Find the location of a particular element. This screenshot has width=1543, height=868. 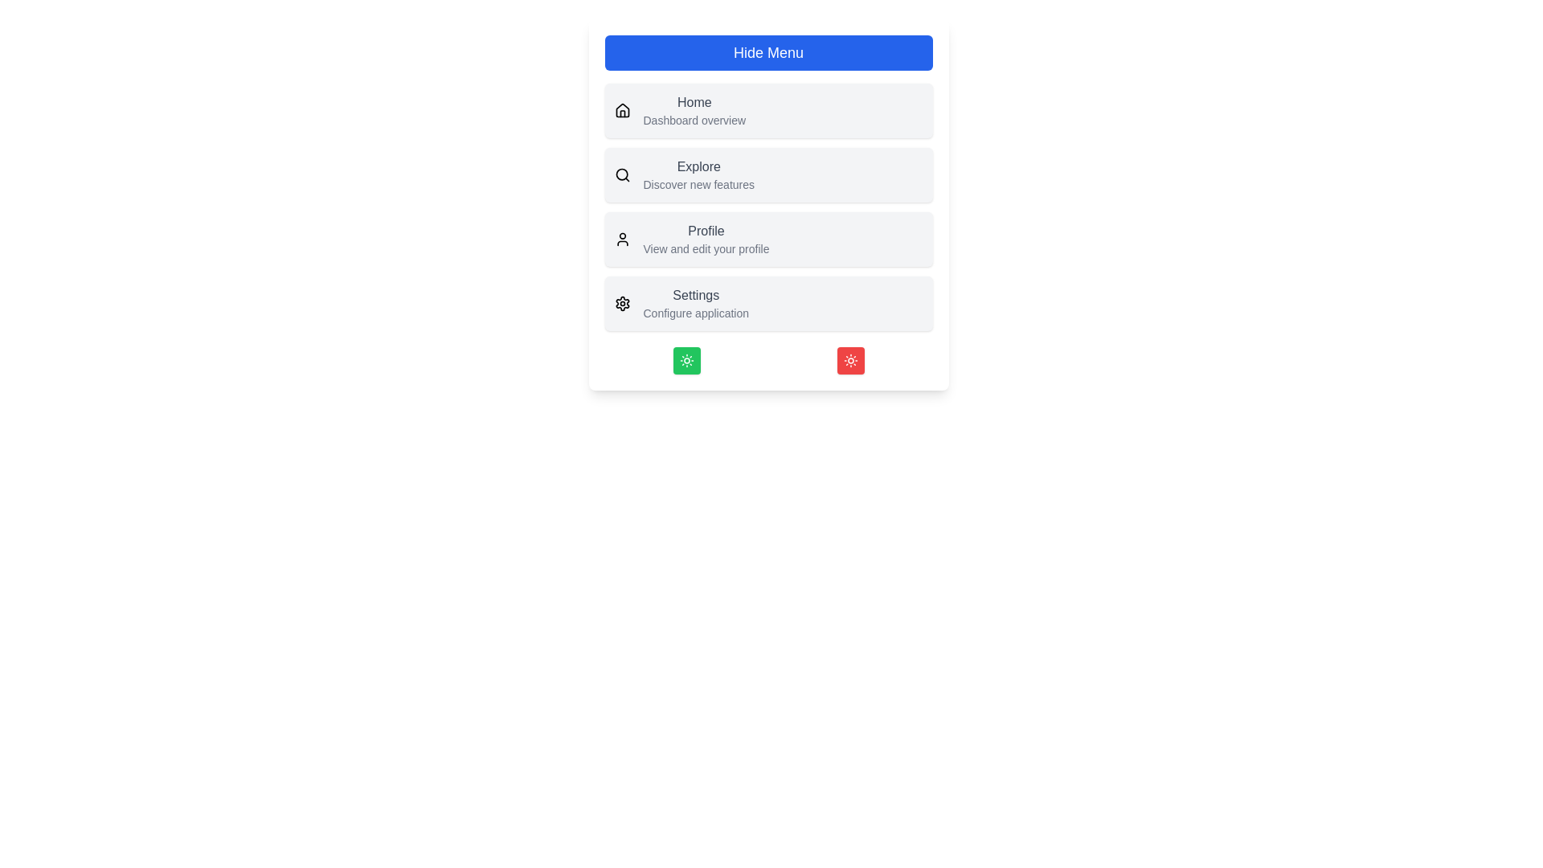

the red action button at the bottom is located at coordinates (849, 359).